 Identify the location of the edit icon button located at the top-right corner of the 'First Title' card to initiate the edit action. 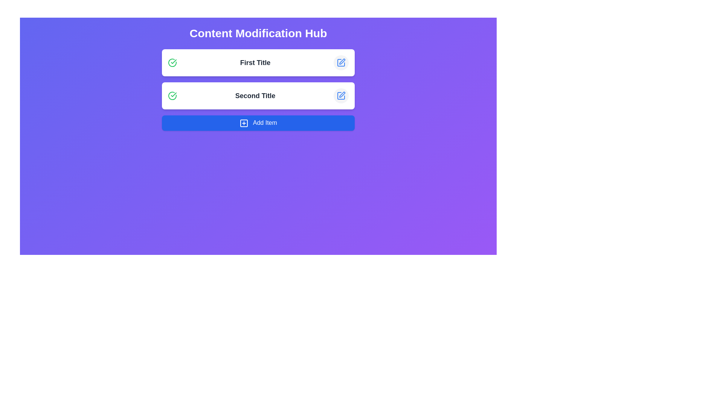
(341, 62).